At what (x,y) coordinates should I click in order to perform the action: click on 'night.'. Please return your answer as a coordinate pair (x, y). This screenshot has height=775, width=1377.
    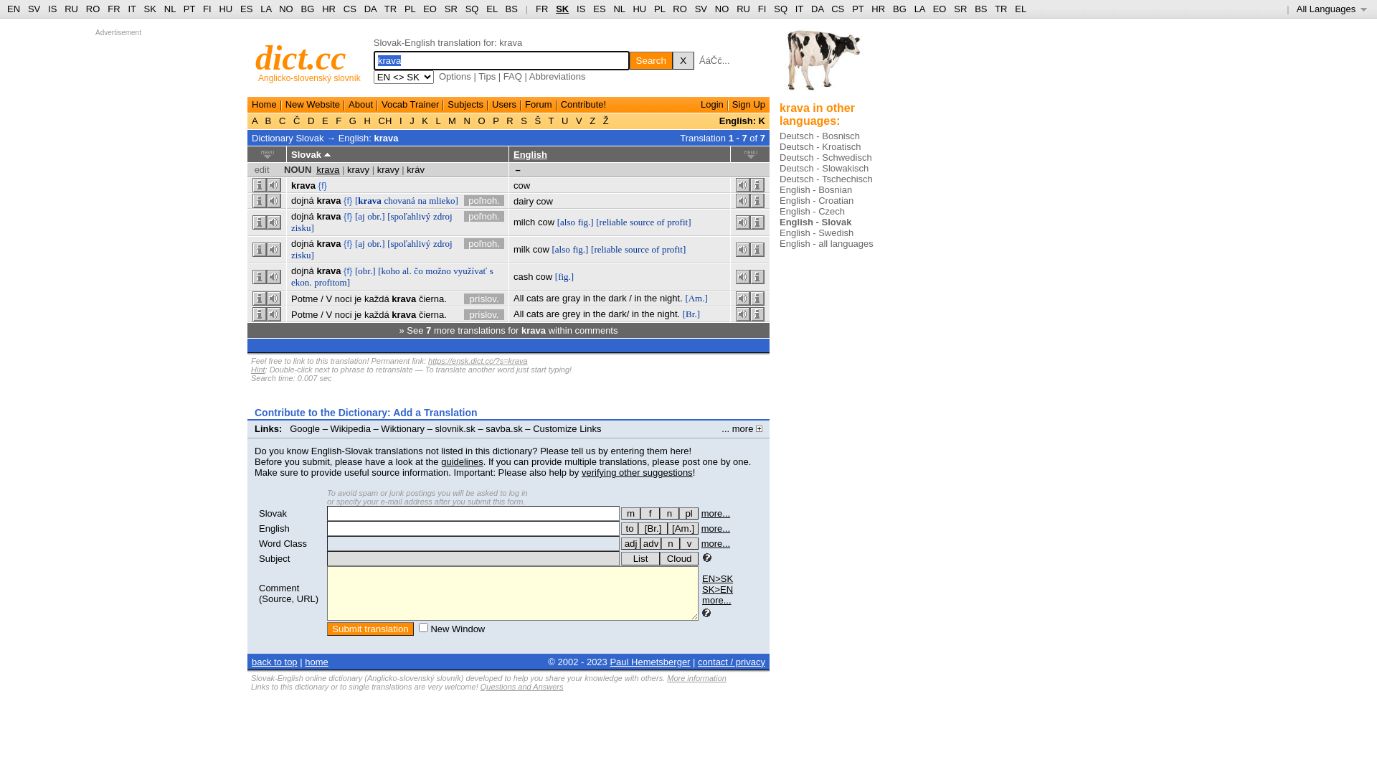
    Looking at the image, I should click on (667, 313).